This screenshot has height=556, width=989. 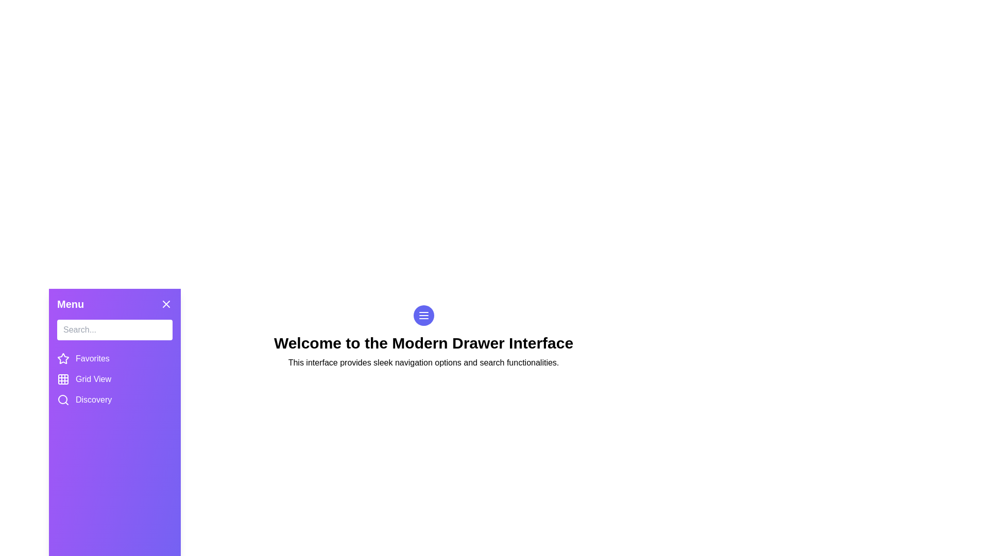 I want to click on the welcome message to interact with it, so click(x=423, y=343).